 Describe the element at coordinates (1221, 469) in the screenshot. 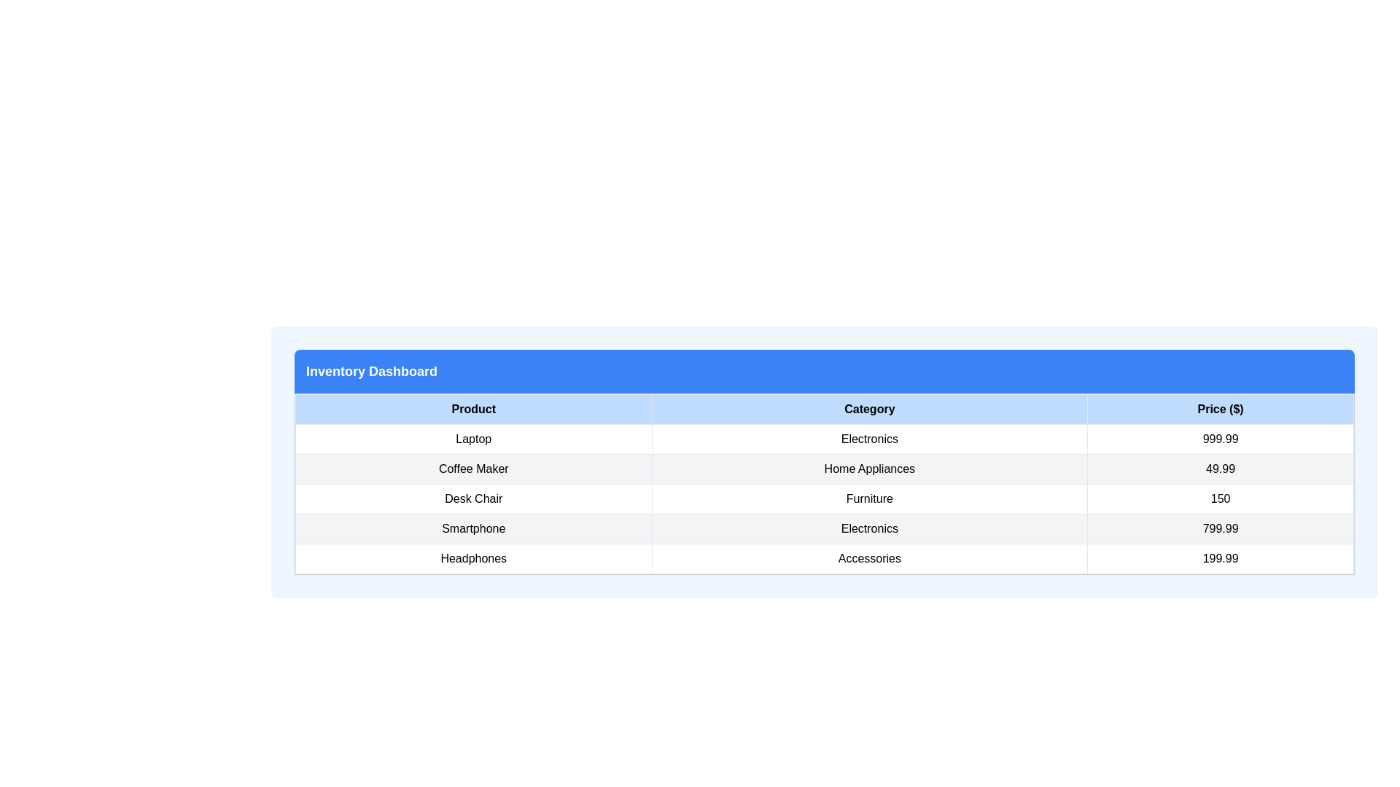

I see `the static text label displaying the price of the product 'Coffee Maker' located in the 'Price ($)' column of the table` at that location.